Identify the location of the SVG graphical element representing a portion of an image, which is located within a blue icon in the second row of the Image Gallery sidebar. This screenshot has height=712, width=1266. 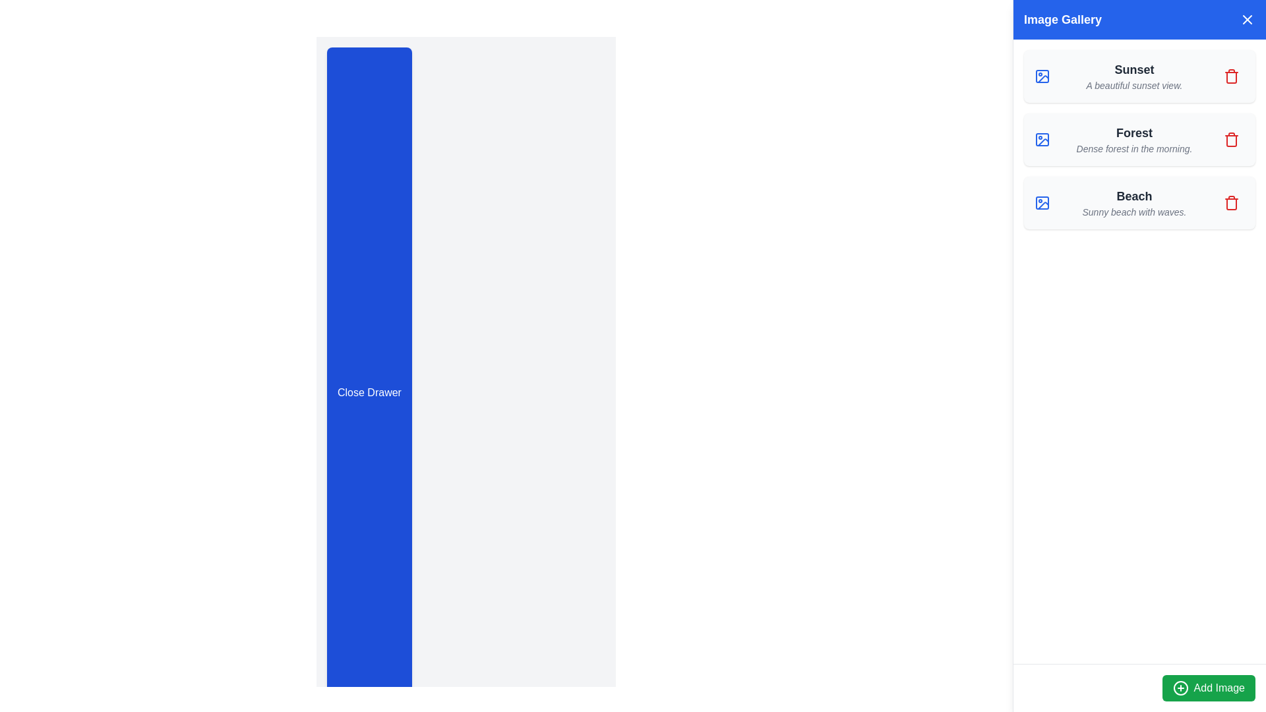
(1042, 142).